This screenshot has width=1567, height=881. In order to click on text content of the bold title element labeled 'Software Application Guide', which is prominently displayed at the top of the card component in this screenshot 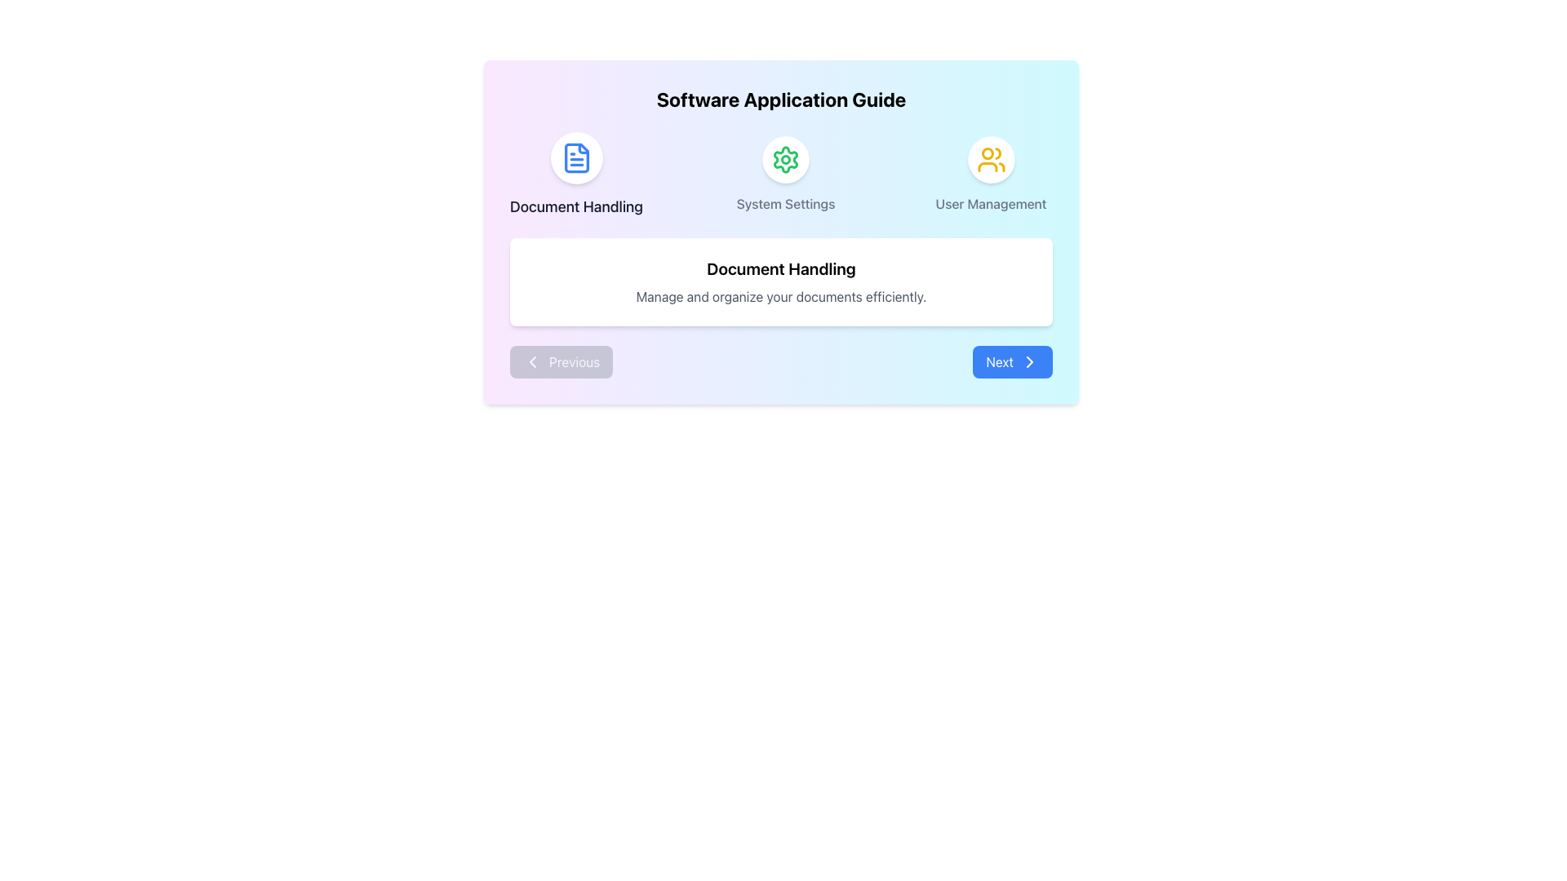, I will do `click(780, 100)`.